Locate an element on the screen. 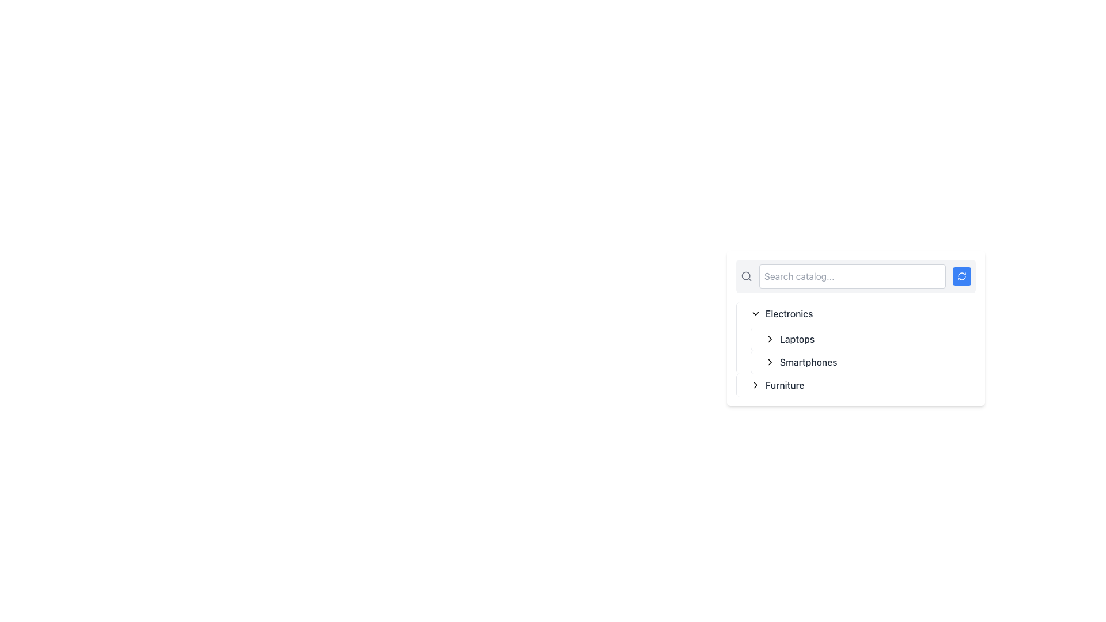 This screenshot has height=622, width=1106. the toggle icon located to the left of the 'Smartphones' text is located at coordinates (770, 361).